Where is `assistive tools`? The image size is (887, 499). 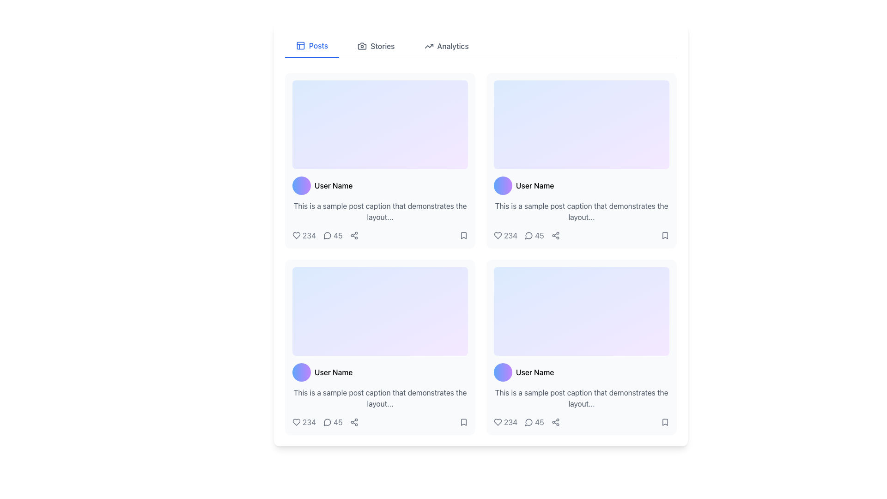 assistive tools is located at coordinates (498, 422).